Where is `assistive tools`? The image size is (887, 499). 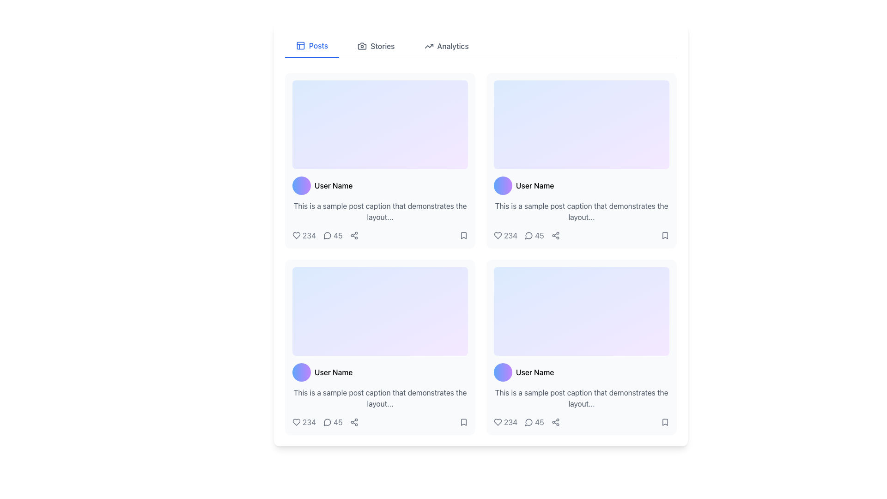 assistive tools is located at coordinates (498, 422).